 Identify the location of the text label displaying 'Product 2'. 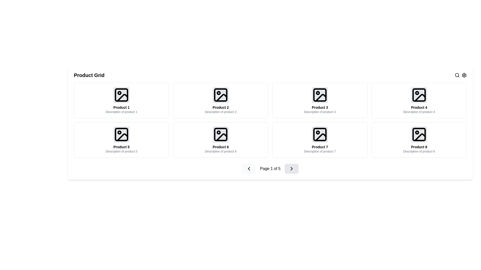
(220, 107).